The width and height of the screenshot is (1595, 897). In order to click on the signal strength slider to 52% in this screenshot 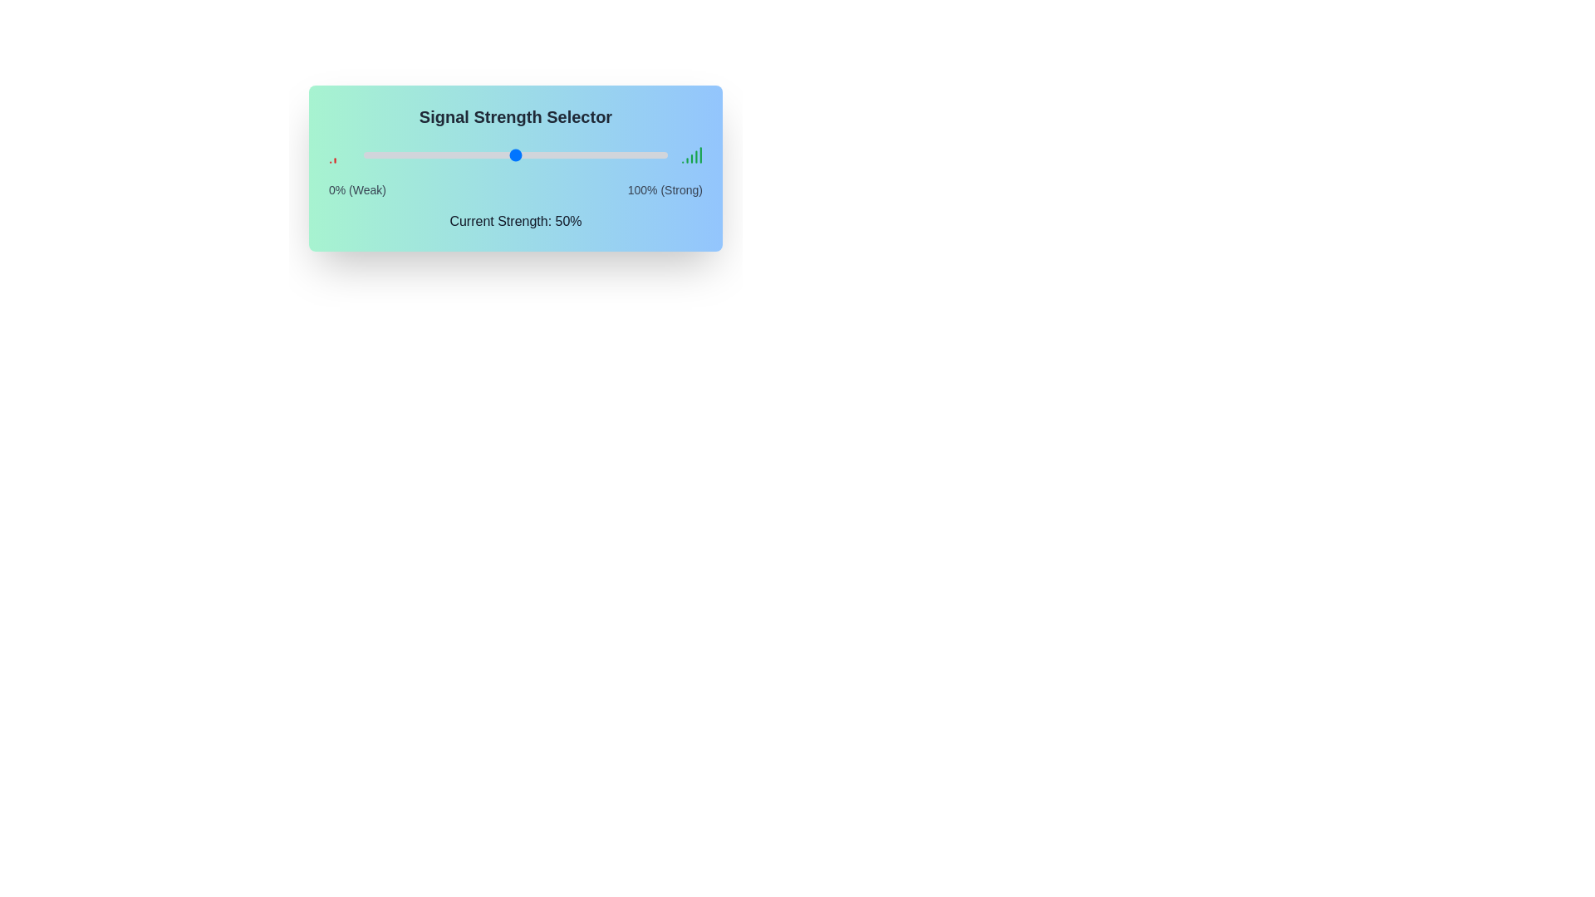, I will do `click(521, 154)`.